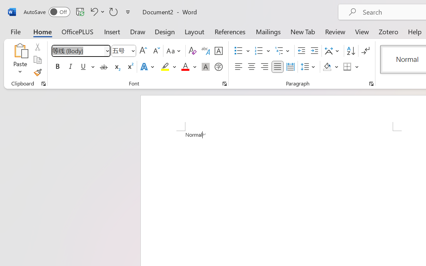  What do you see at coordinates (130, 67) in the screenshot?
I see `'Superscript'` at bounding box center [130, 67].